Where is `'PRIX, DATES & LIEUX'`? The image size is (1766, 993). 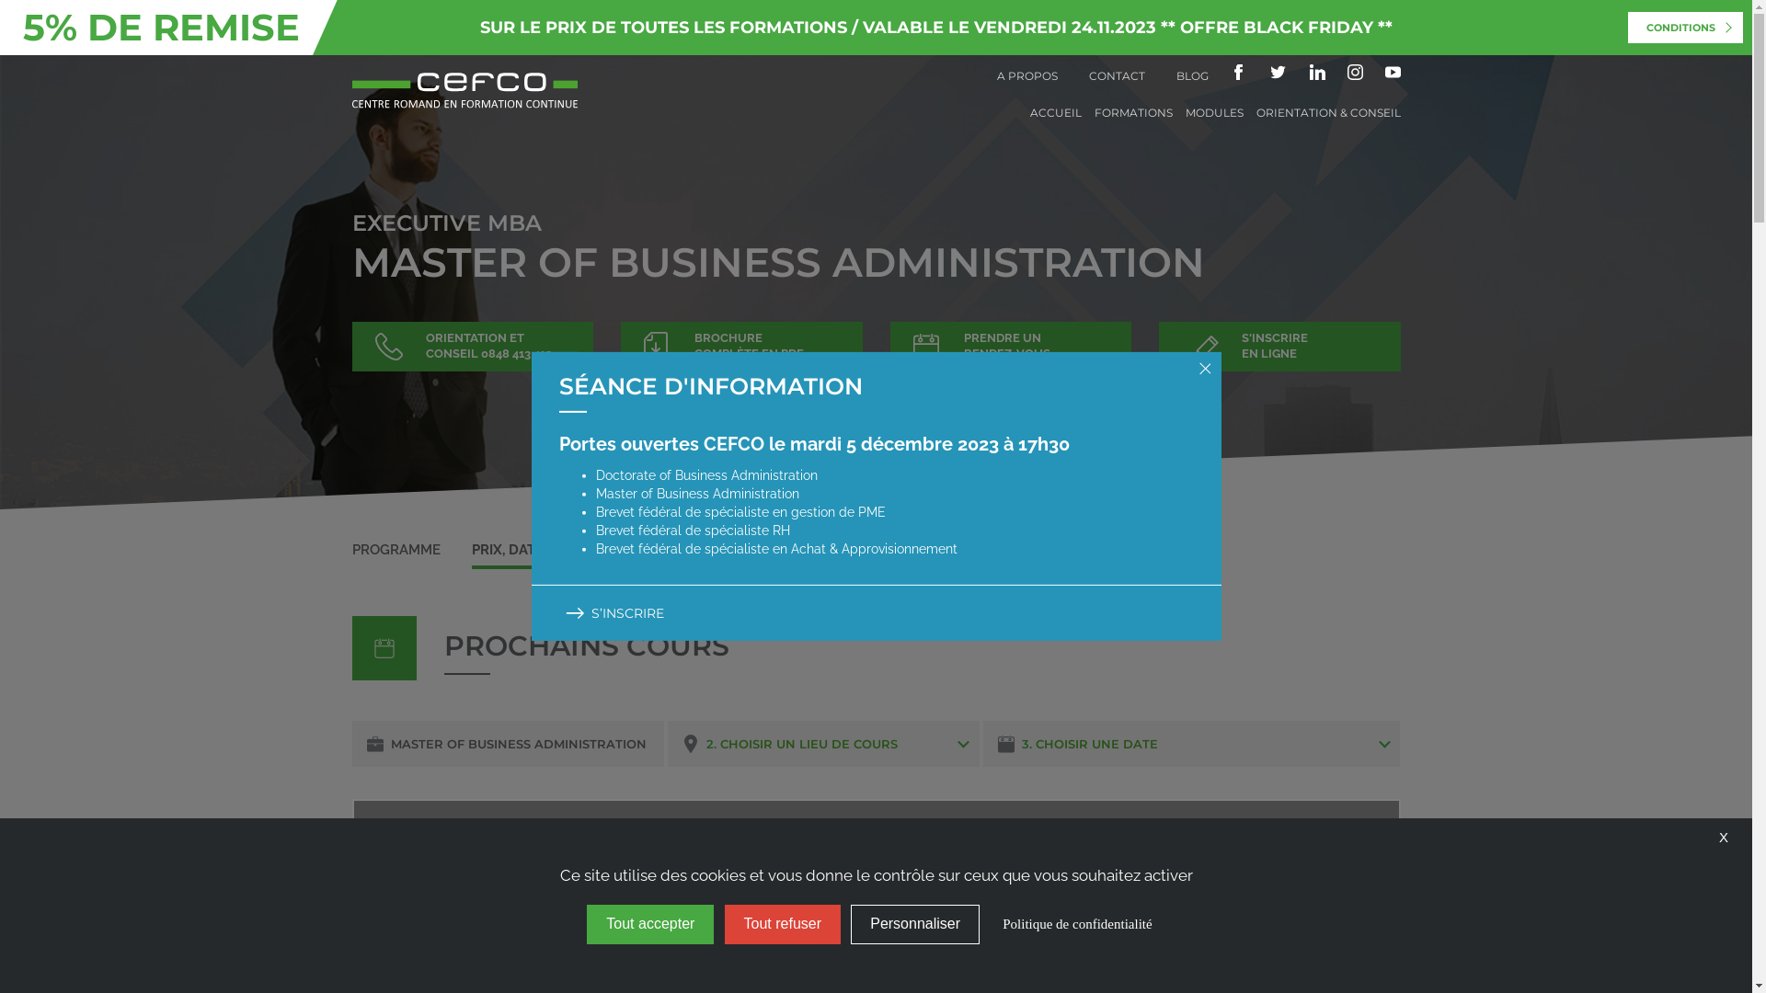 'PRIX, DATES & LIEUX' is located at coordinates (540, 548).